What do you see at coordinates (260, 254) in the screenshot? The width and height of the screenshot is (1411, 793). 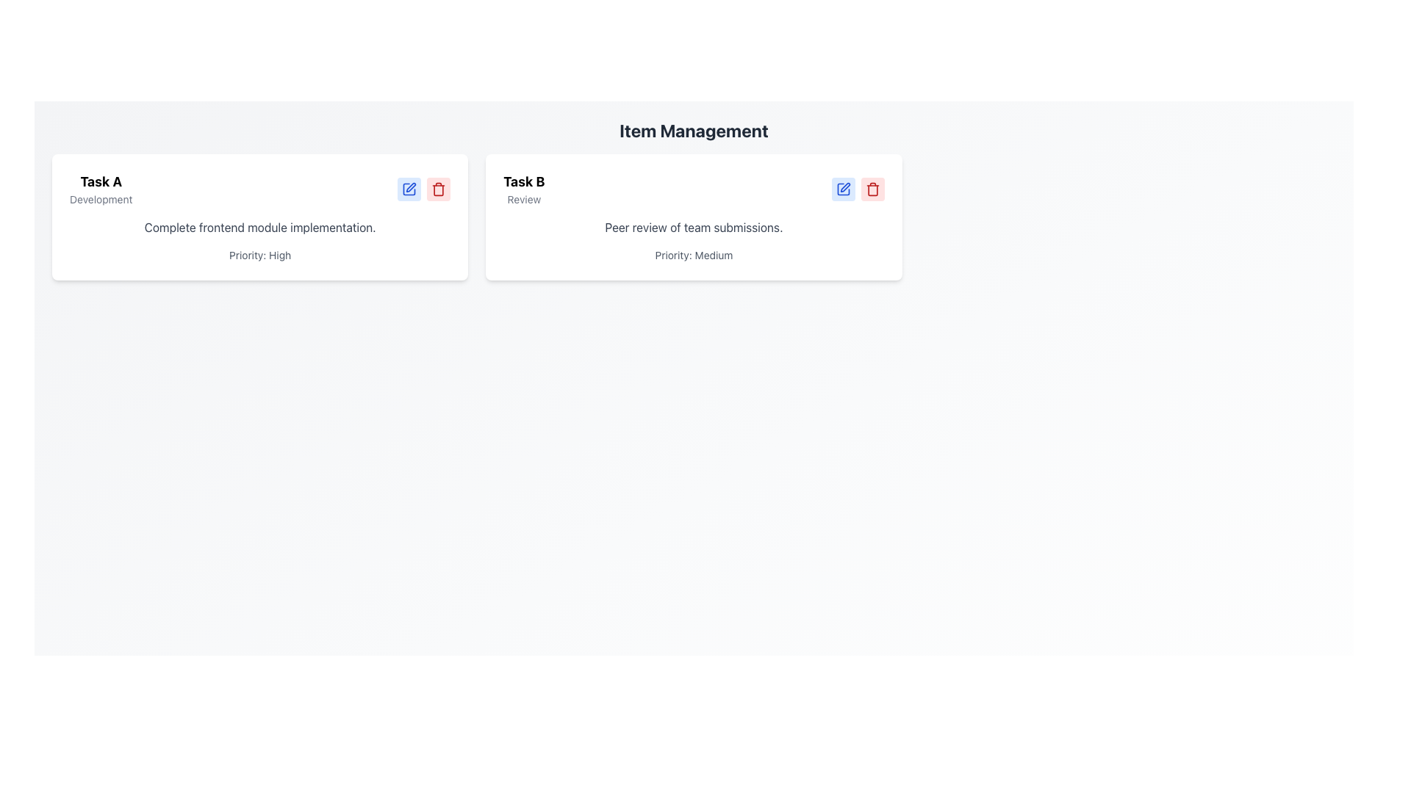 I see `the static text label displaying the priority level 'High' located below the task description in the card titled 'Task A'` at bounding box center [260, 254].